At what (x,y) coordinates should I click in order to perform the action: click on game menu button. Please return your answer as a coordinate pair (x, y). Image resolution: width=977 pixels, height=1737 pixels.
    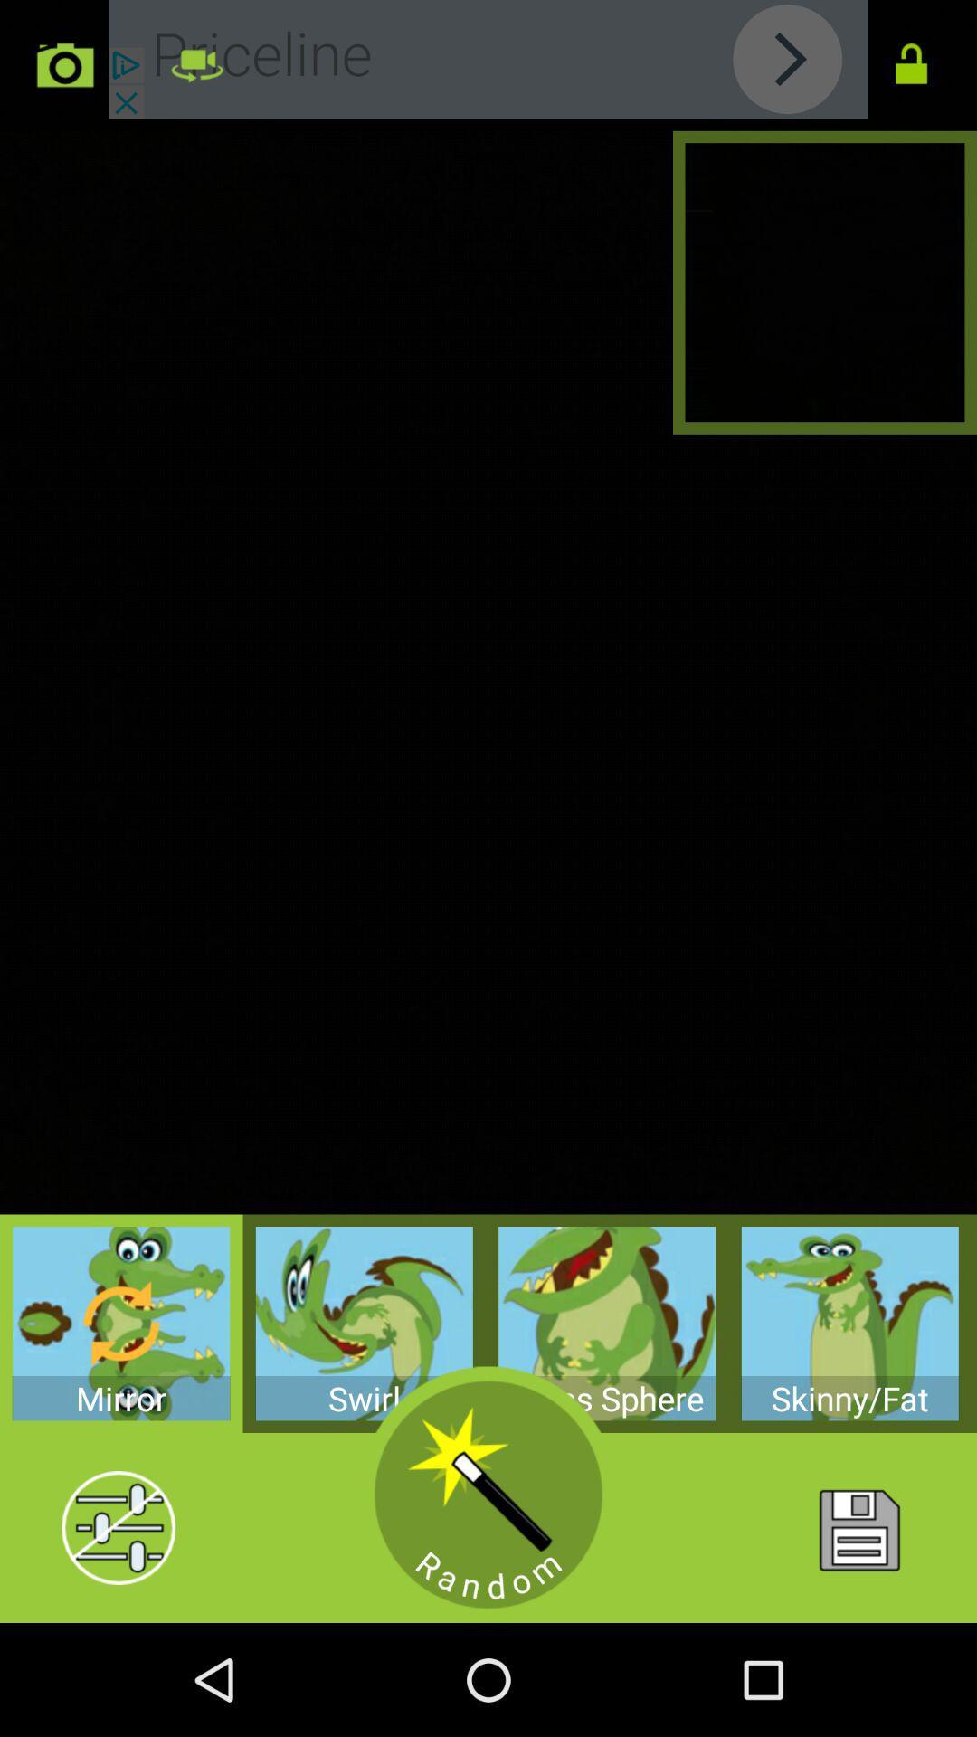
    Looking at the image, I should click on (857, 1527).